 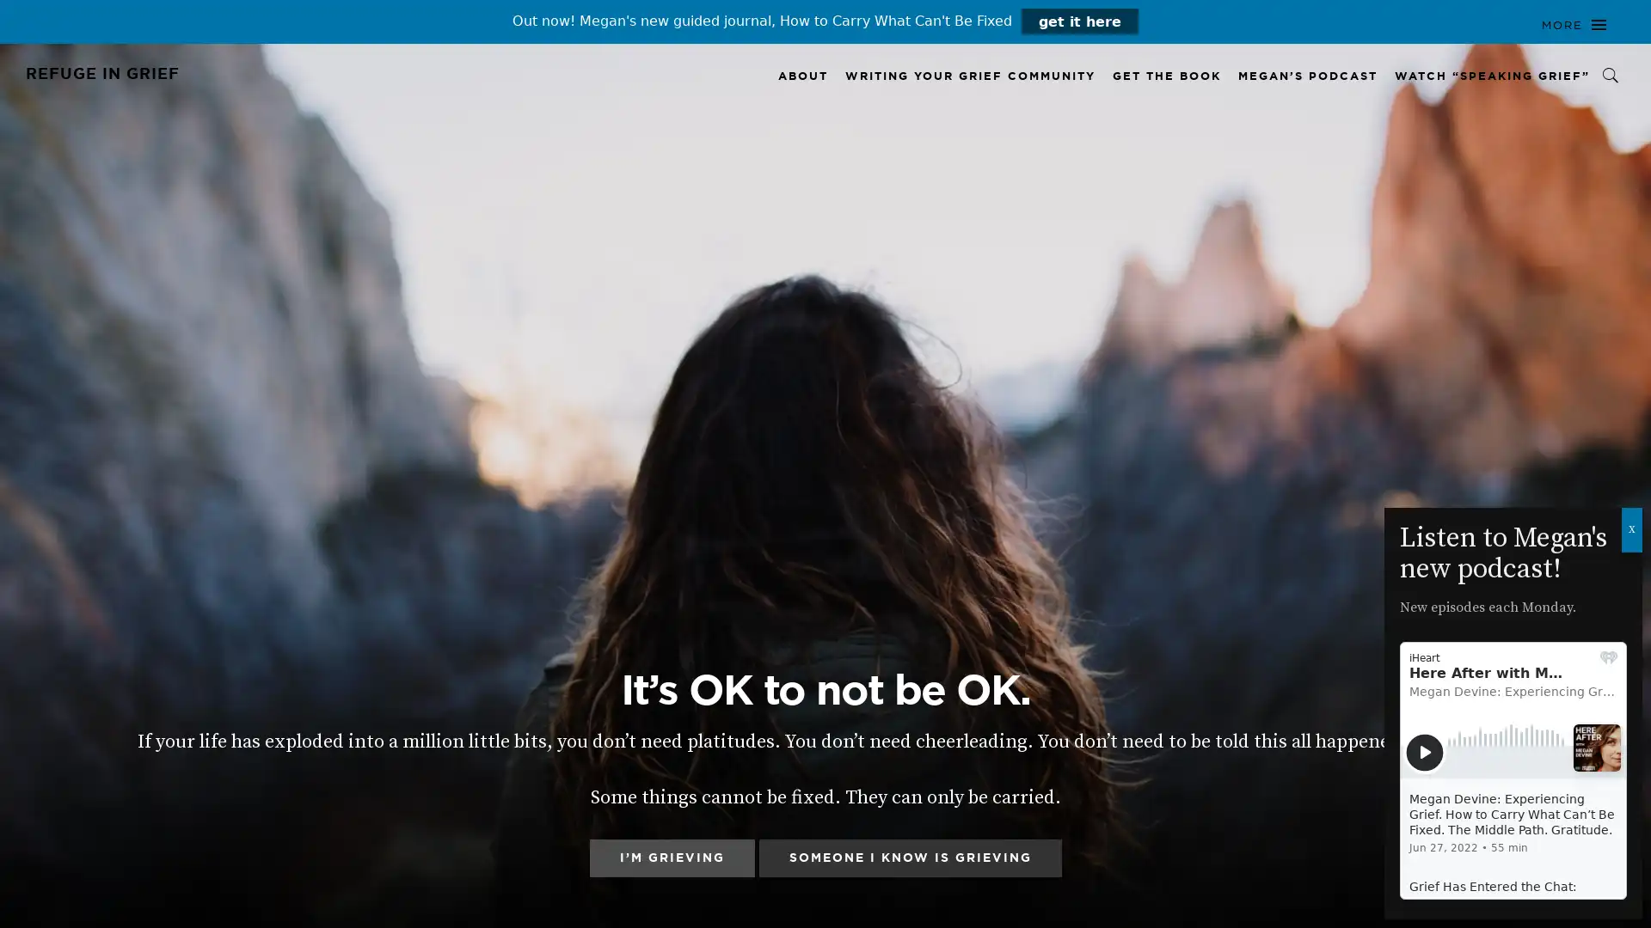 What do you see at coordinates (1611, 75) in the screenshot?
I see `SHOW SEARCH` at bounding box center [1611, 75].